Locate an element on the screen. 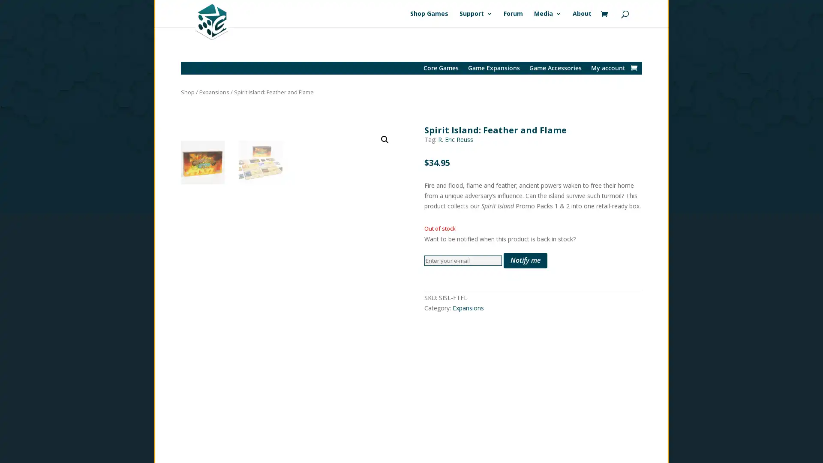 The image size is (823, 463). Notify me 5 is located at coordinates (524, 260).